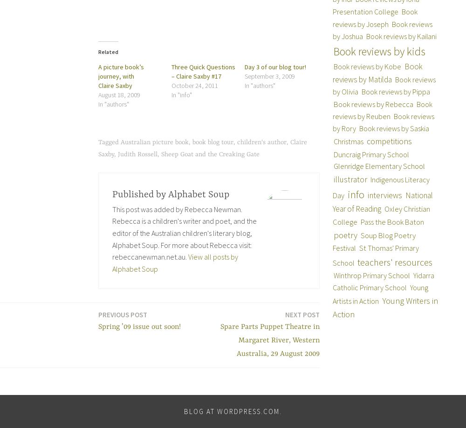 This screenshot has height=428, width=466. What do you see at coordinates (111, 194) in the screenshot?
I see `'Published by'` at bounding box center [111, 194].